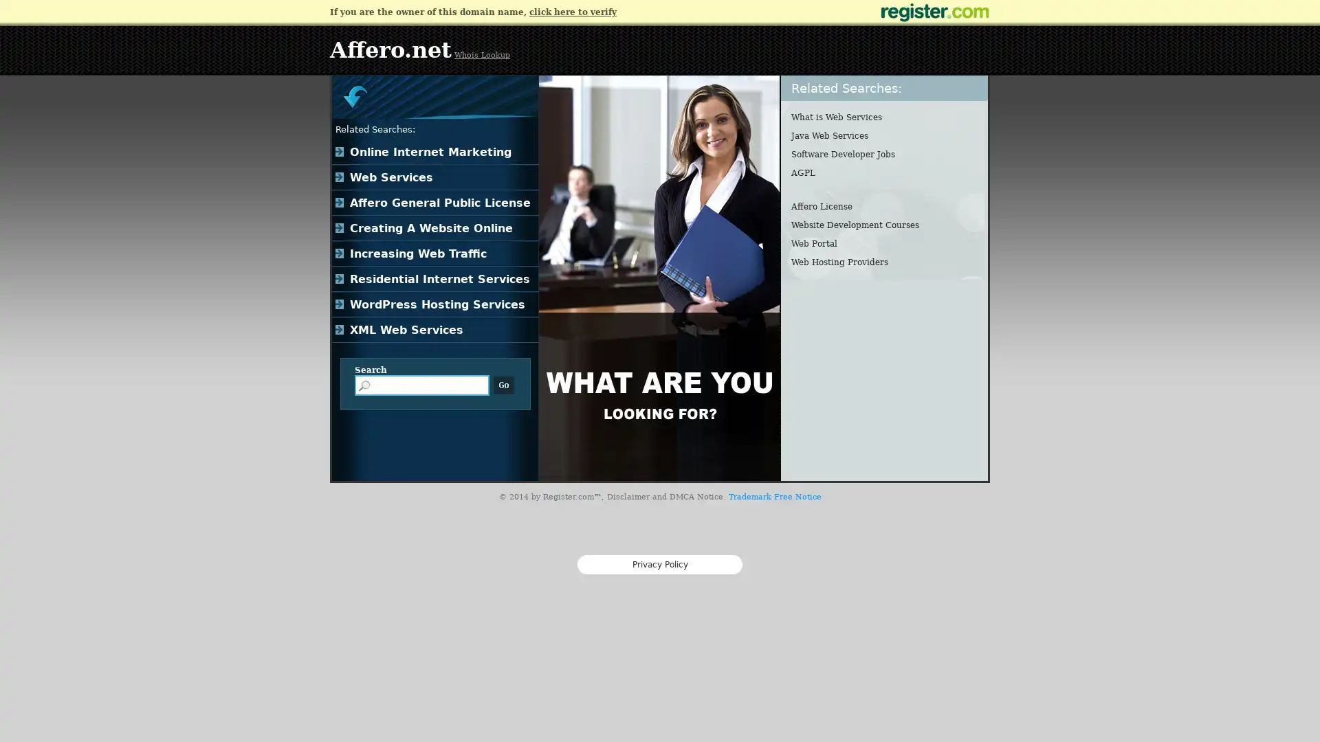 Image resolution: width=1320 pixels, height=742 pixels. Describe the element at coordinates (503, 385) in the screenshot. I see `Go` at that location.